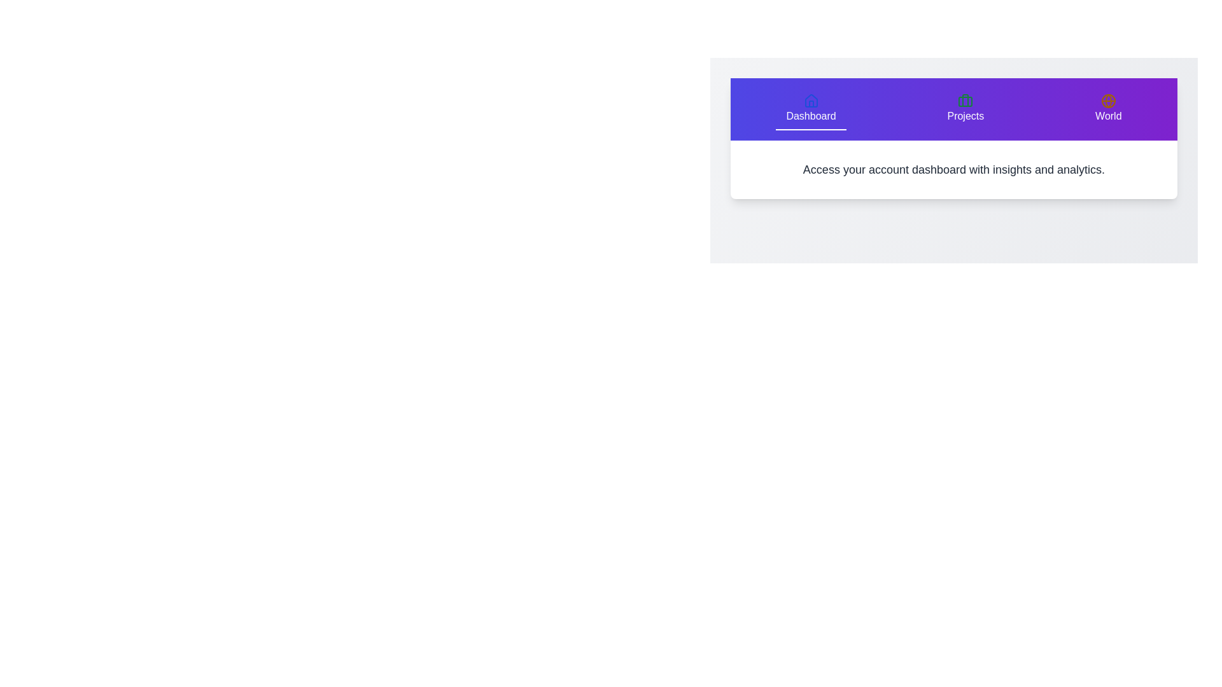 The height and width of the screenshot is (687, 1222). What do you see at coordinates (1107, 109) in the screenshot?
I see `the 'World' tab to display its content` at bounding box center [1107, 109].